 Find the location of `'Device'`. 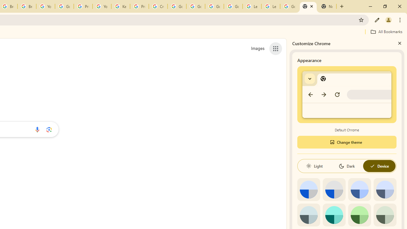

'Device' is located at coordinates (379, 166).